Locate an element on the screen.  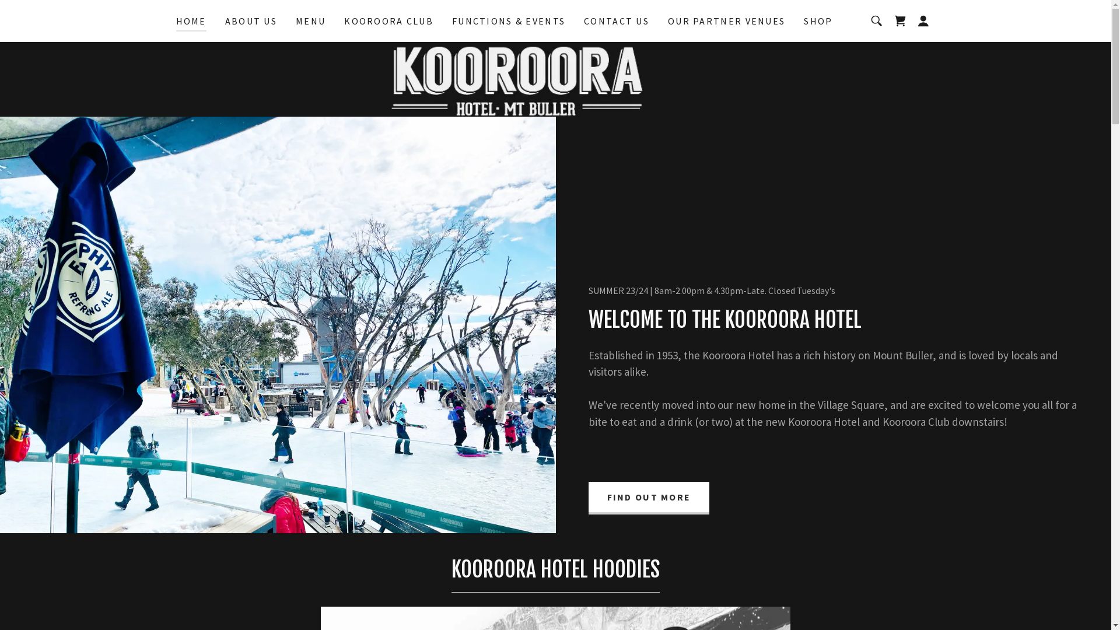
'FIND OUT MORE' is located at coordinates (588, 498).